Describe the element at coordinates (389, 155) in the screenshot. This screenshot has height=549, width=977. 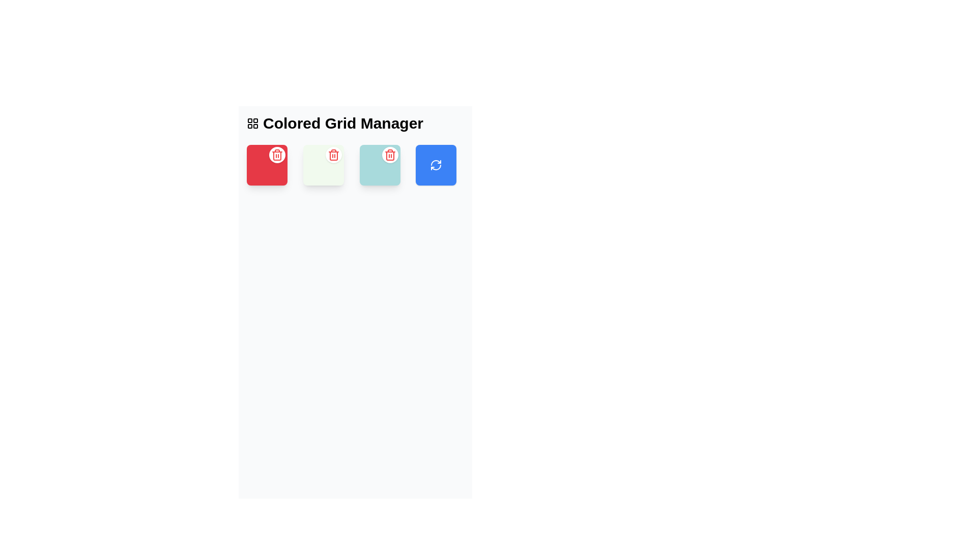
I see `the red trash bin icon button located inside a circular white background, positioned at the top-right corner of the third cyan grid item` at that location.